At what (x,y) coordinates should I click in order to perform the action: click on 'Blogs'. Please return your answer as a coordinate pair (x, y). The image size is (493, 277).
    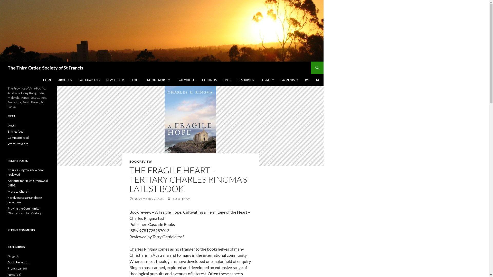
    Looking at the image, I should click on (11, 256).